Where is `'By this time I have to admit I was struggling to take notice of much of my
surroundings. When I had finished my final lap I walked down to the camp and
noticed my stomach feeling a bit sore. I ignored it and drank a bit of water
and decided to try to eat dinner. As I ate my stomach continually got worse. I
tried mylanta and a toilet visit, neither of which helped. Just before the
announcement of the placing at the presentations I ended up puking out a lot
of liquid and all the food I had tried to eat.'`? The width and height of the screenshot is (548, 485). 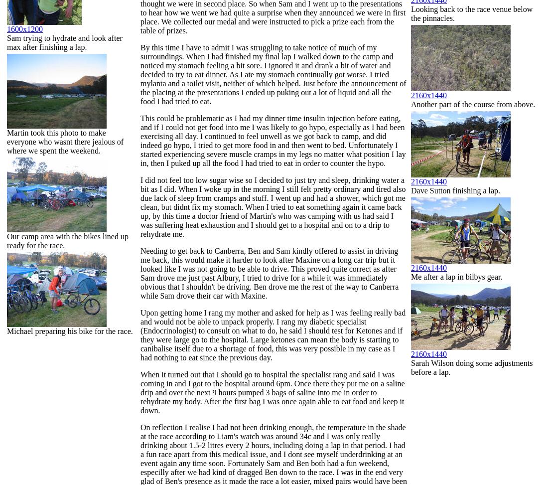 'By this time I have to admit I was struggling to take notice of much of my
surroundings. When I had finished my final lap I walked down to the camp and
noticed my stomach feeling a bit sore. I ignored it and drank a bit of water
and decided to try to eat dinner. As I ate my stomach continually got worse. I
tried mylanta and a toilet visit, neither of which helped. Just before the
announcement of the placing at the presentations I ended up puking out a lot
of liquid and all the food I had tried to eat.' is located at coordinates (273, 74).